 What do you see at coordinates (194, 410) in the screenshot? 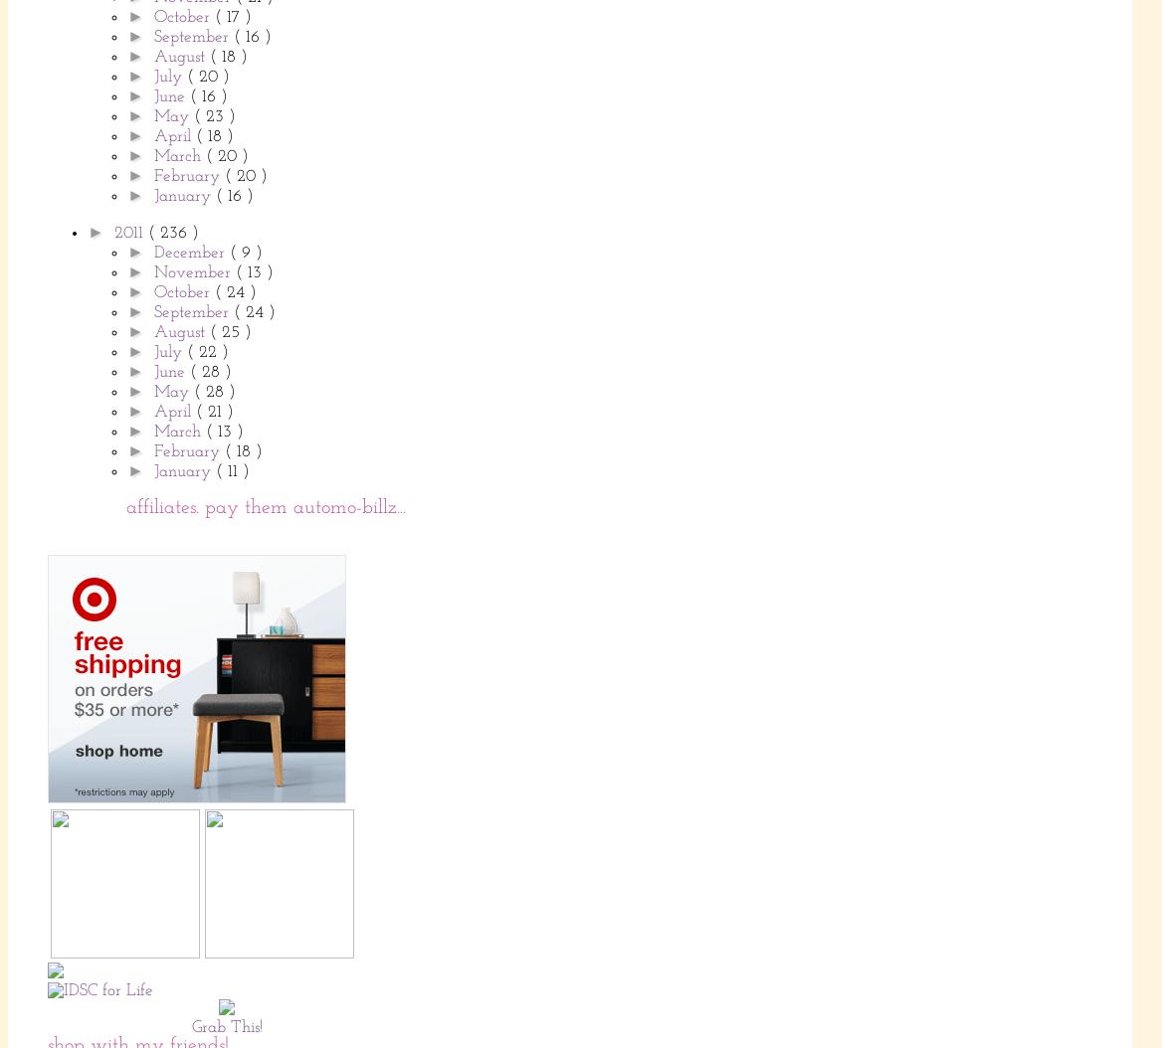
I see `'(
                21
                )'` at bounding box center [194, 410].